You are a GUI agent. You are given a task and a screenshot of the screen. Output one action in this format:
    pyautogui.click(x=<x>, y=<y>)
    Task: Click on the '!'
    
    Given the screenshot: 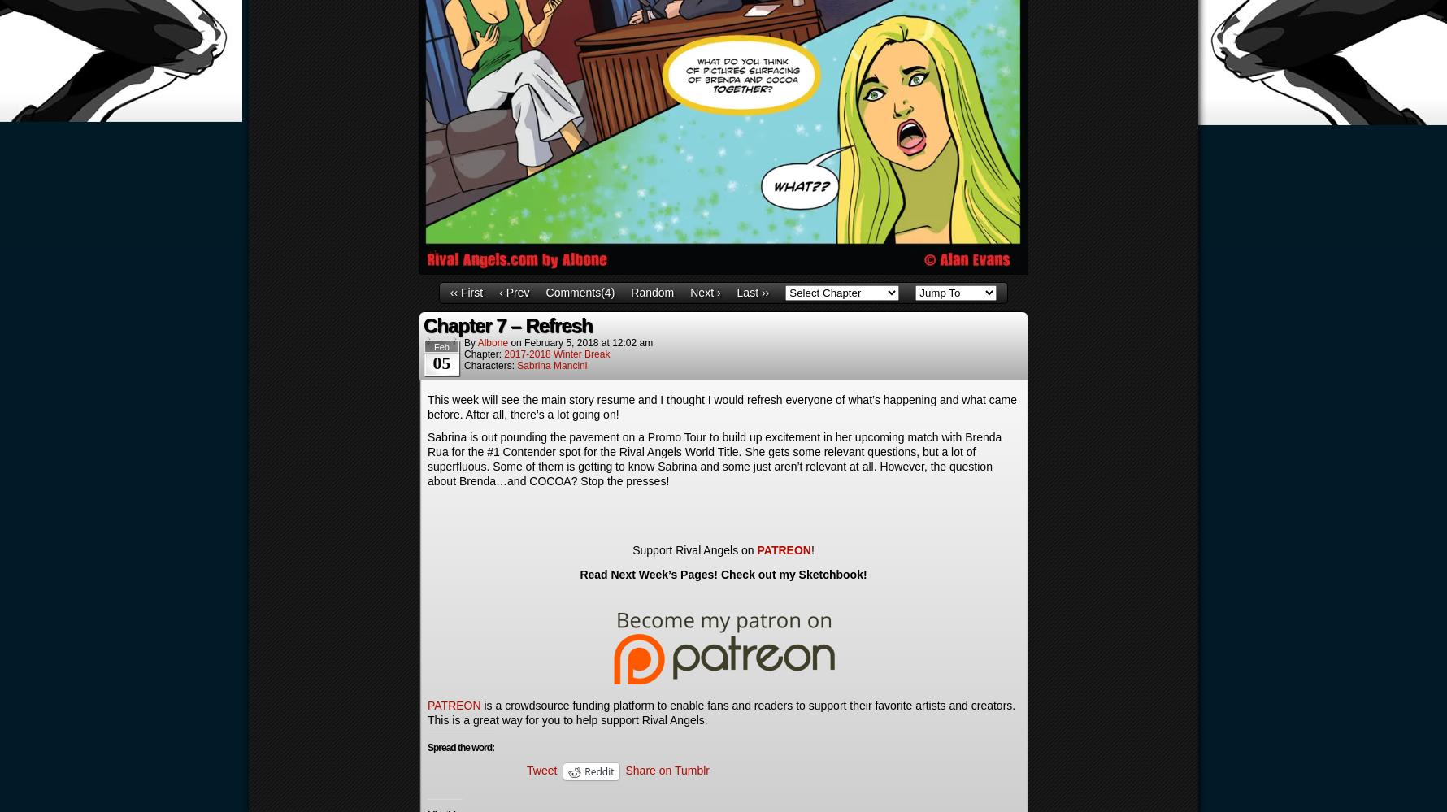 What is the action you would take?
    pyautogui.click(x=809, y=549)
    